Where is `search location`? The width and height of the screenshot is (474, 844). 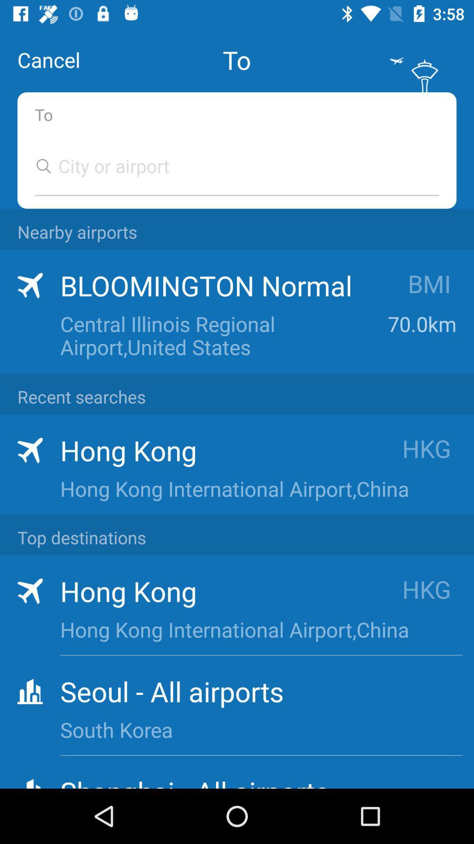 search location is located at coordinates (228, 166).